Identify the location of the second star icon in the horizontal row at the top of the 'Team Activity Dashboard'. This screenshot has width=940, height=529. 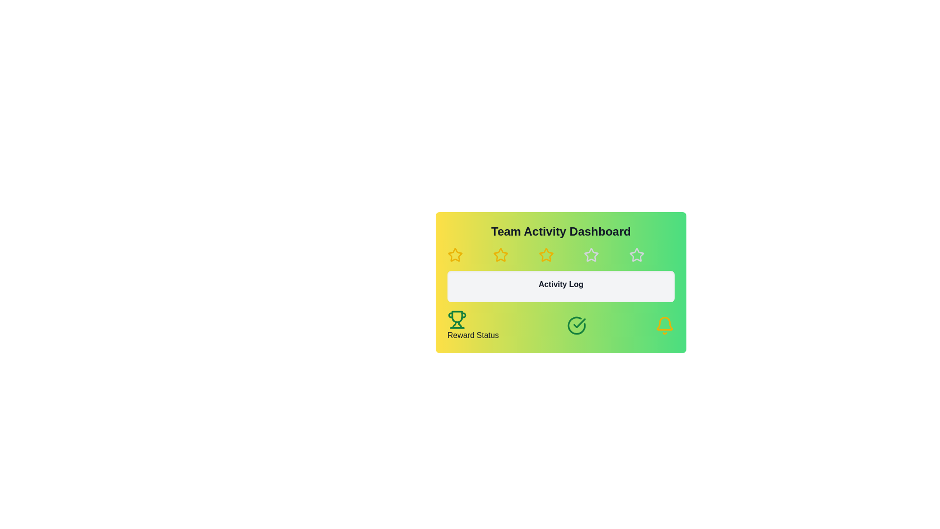
(545, 254).